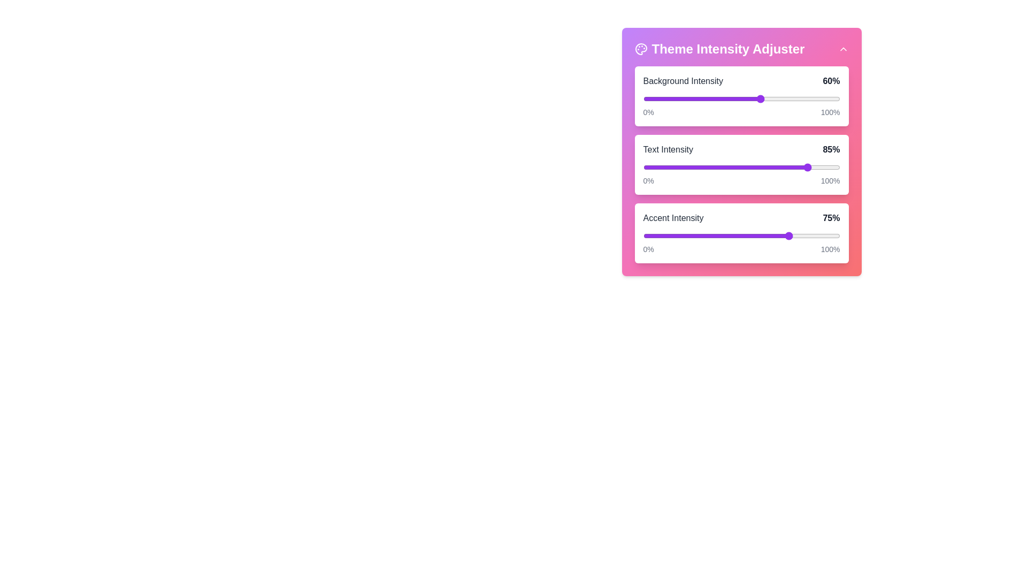 Image resolution: width=1027 pixels, height=578 pixels. I want to click on the text label displaying '0%' in gray color, located to the left of the slider component in the 'Accent Intensity' section, so click(648, 249).